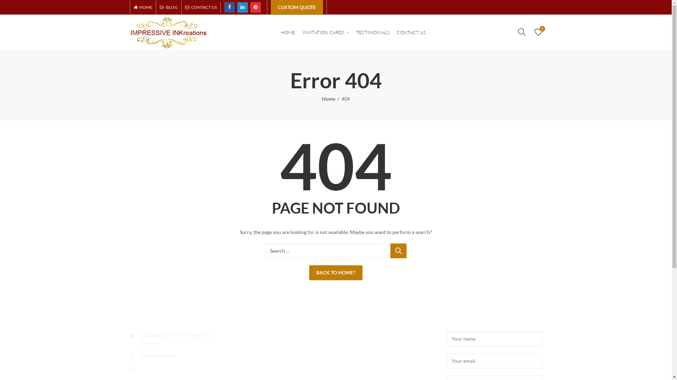  I want to click on 'TESTIMONIALS', so click(372, 32).